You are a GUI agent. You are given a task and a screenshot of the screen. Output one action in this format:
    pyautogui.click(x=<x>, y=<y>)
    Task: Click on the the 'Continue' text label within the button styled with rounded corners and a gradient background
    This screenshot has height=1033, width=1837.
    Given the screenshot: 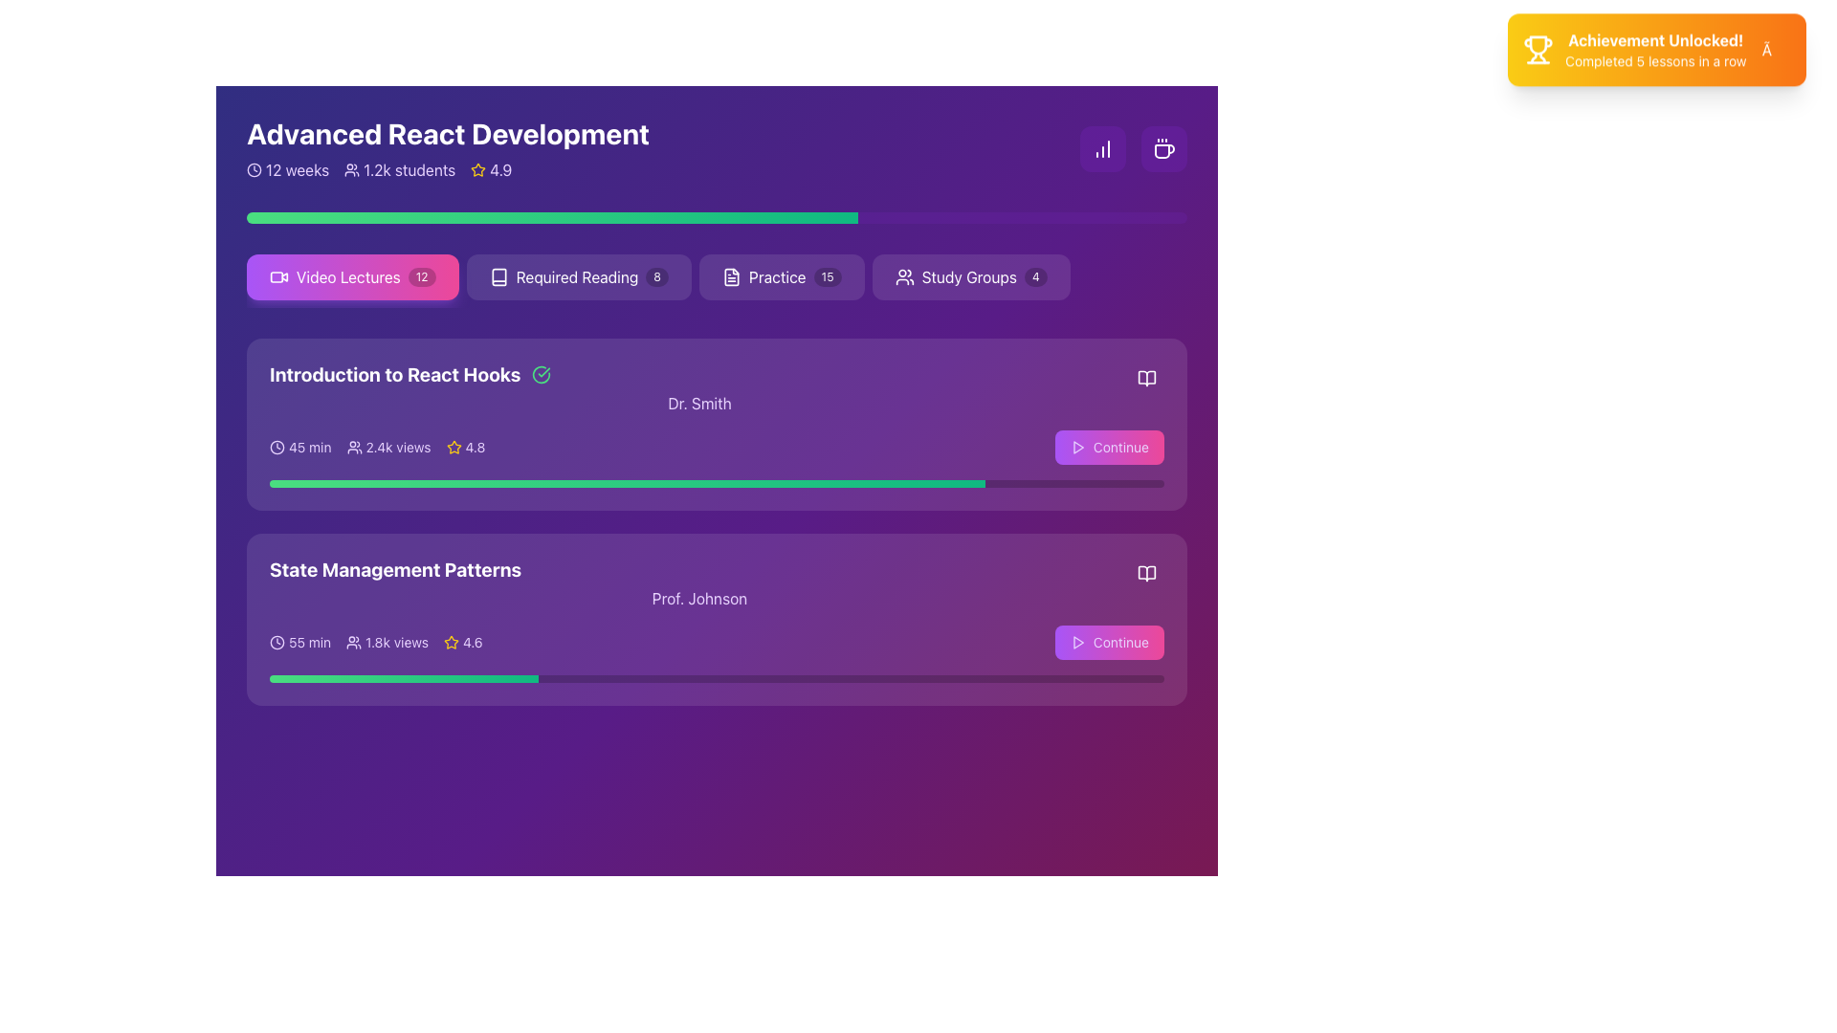 What is the action you would take?
    pyautogui.click(x=1120, y=642)
    